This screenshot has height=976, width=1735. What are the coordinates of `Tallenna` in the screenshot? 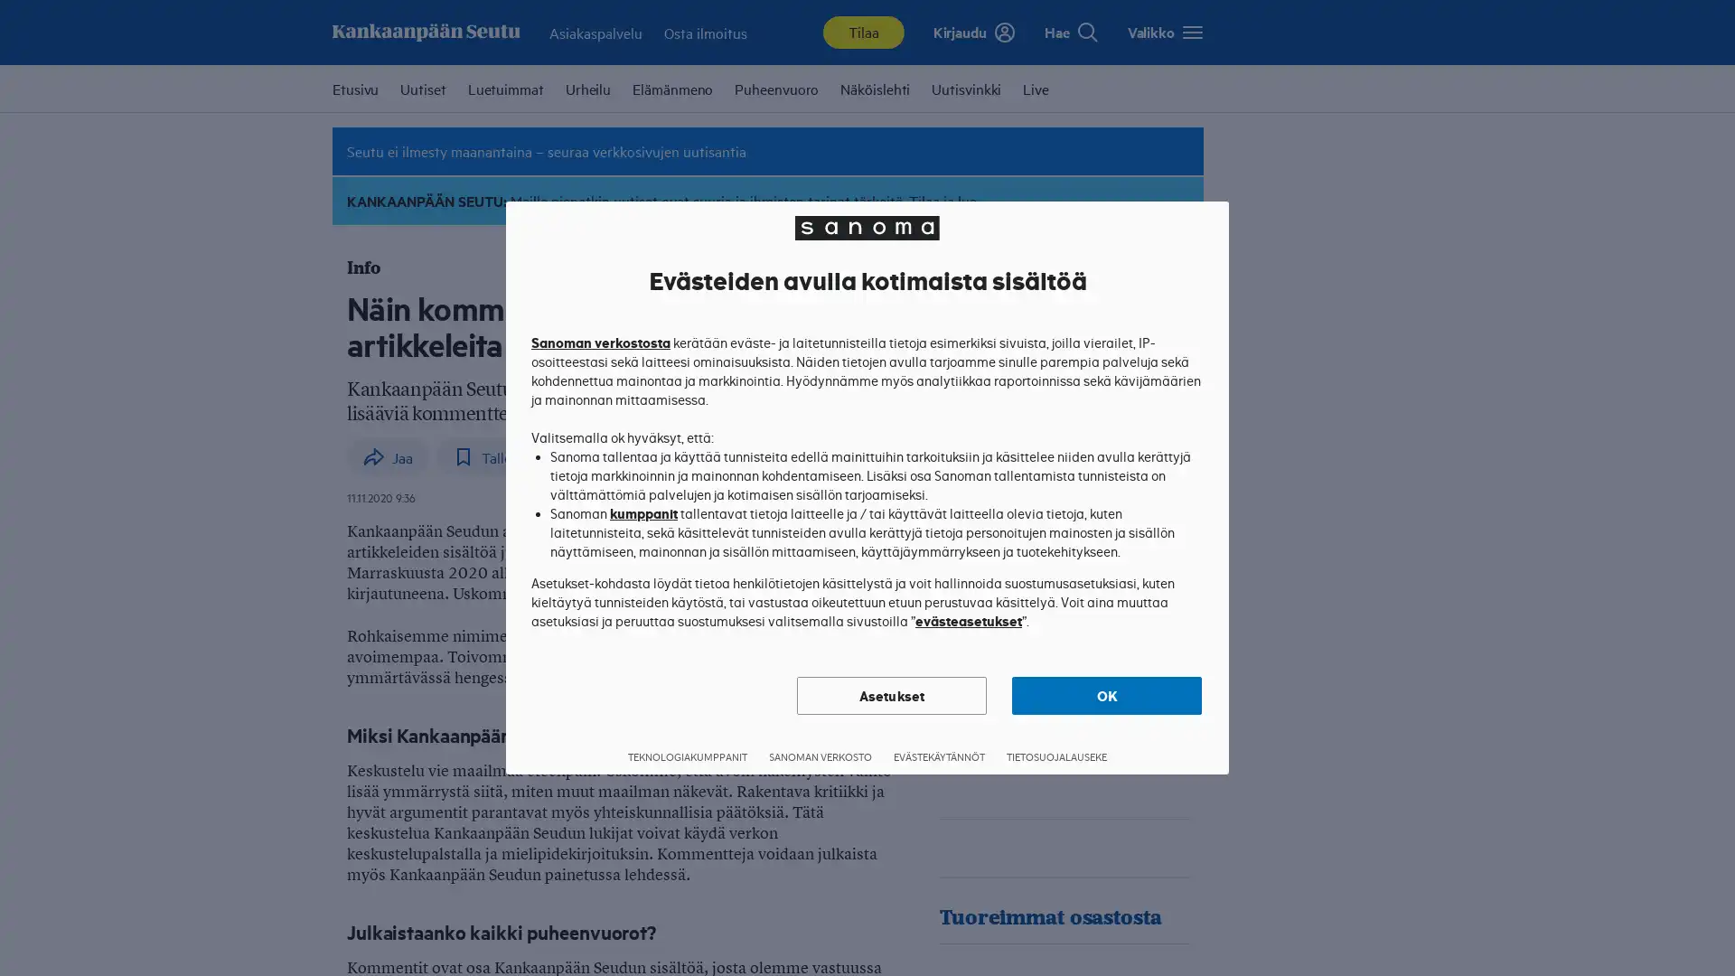 It's located at (1163, 28).